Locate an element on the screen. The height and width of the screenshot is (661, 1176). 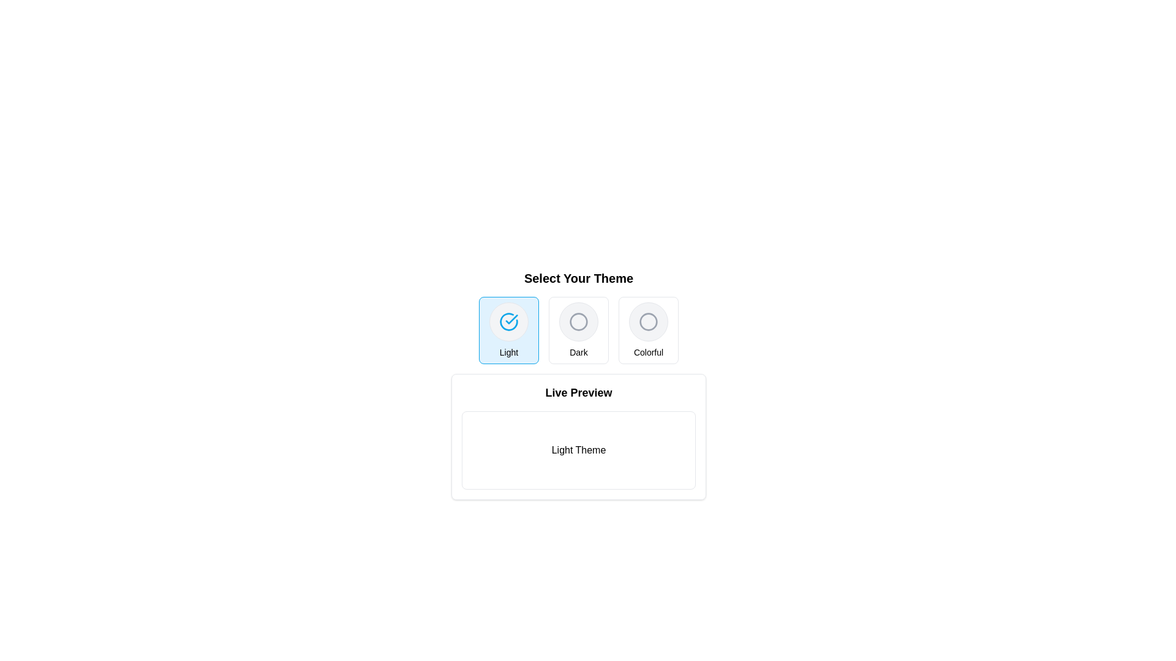
the 'Light', 'Dark', and 'Colorful' theme options button group for keyboard navigation, located below 'Select Your Theme' and above 'Live Preview' is located at coordinates (578, 330).